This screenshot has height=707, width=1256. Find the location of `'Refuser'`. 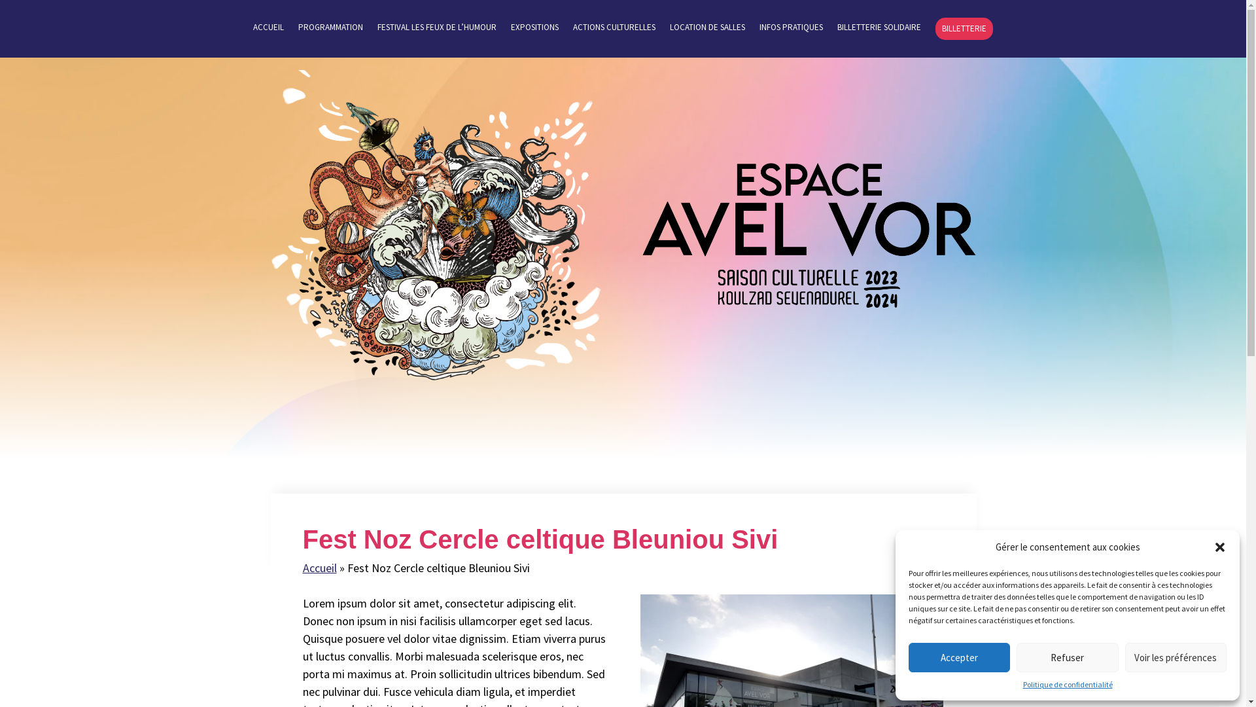

'Refuser' is located at coordinates (1067, 657).